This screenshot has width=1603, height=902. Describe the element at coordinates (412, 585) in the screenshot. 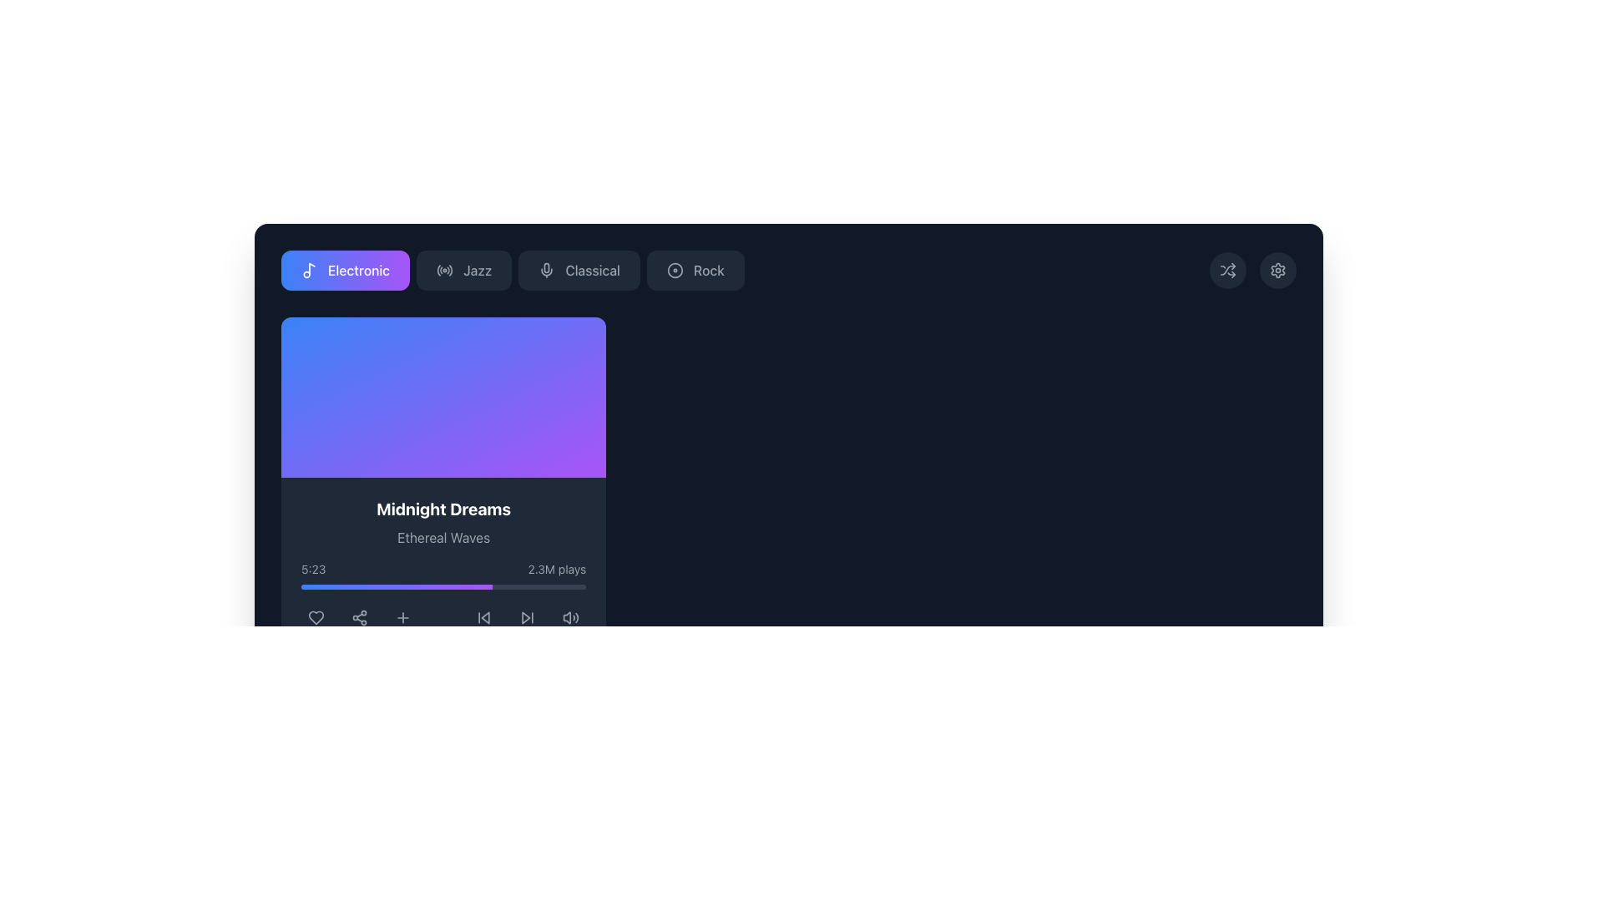

I see `the slider value` at that location.